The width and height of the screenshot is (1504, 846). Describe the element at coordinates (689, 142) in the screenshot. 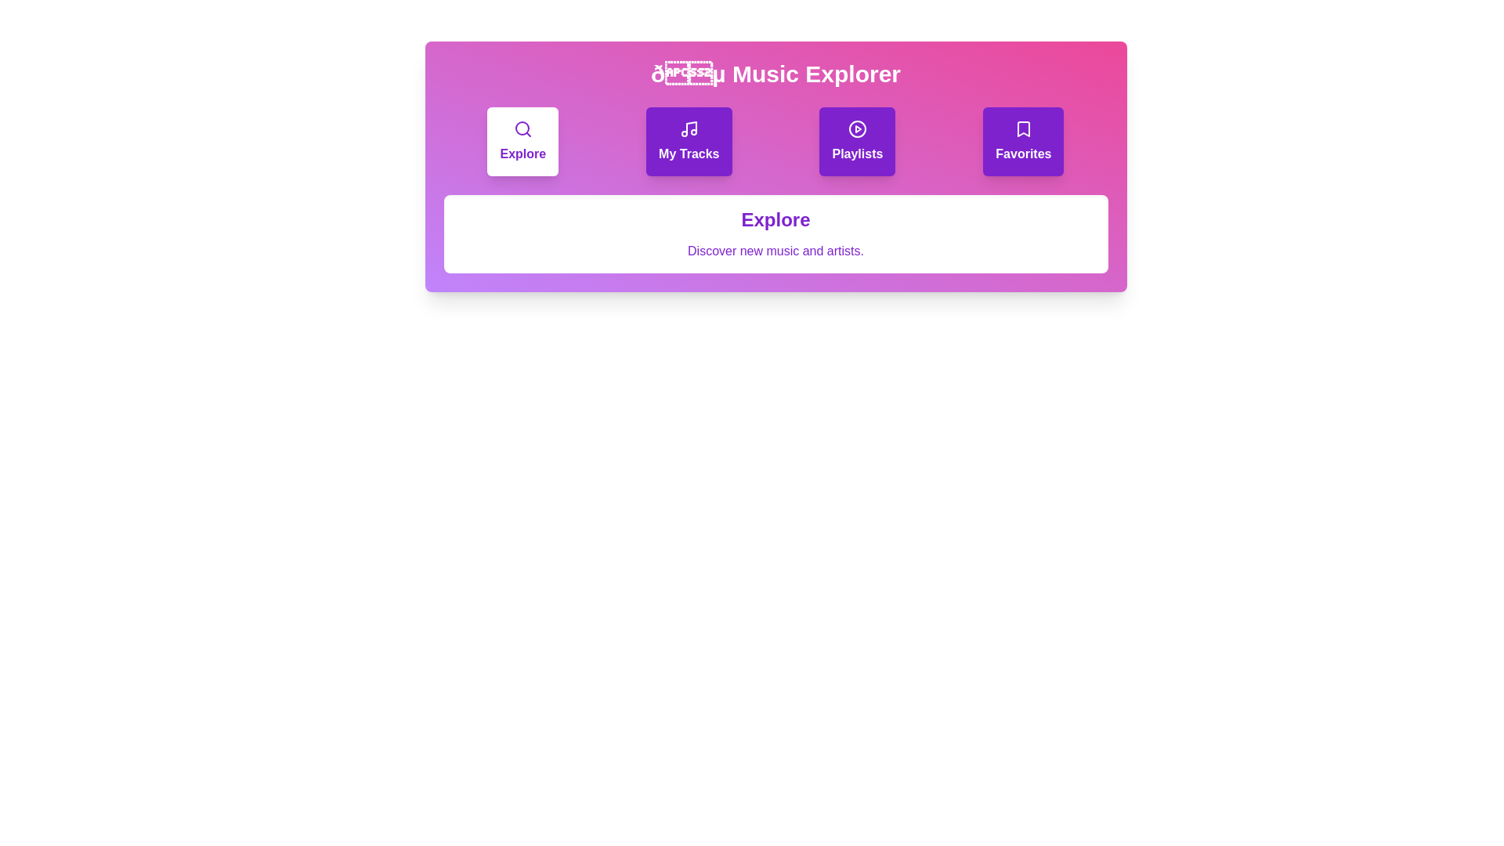

I see `the tab My Tracks` at that location.